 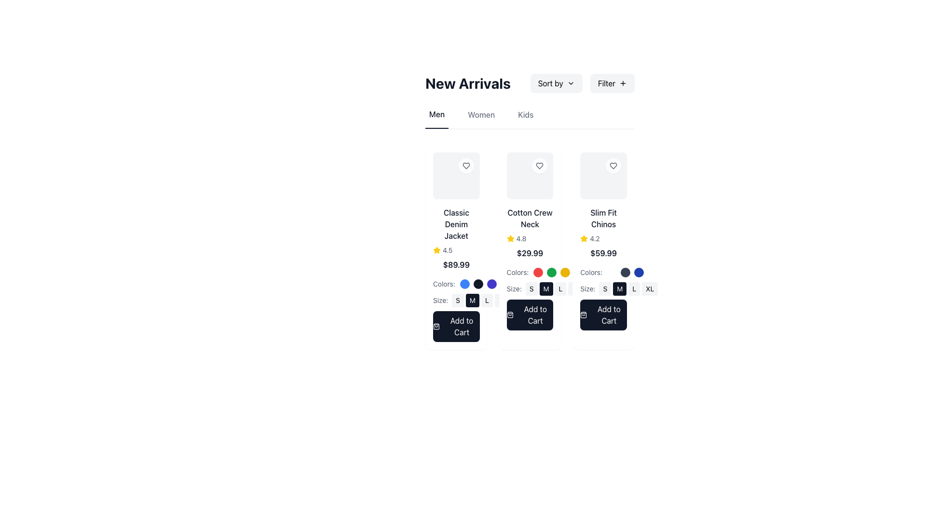 I want to click on the 'L' button, which is the third button in a group of four horizontally-aligned buttons labeled 'S', 'M', 'L', and 'XL', to observe the hover effect, so click(x=560, y=288).